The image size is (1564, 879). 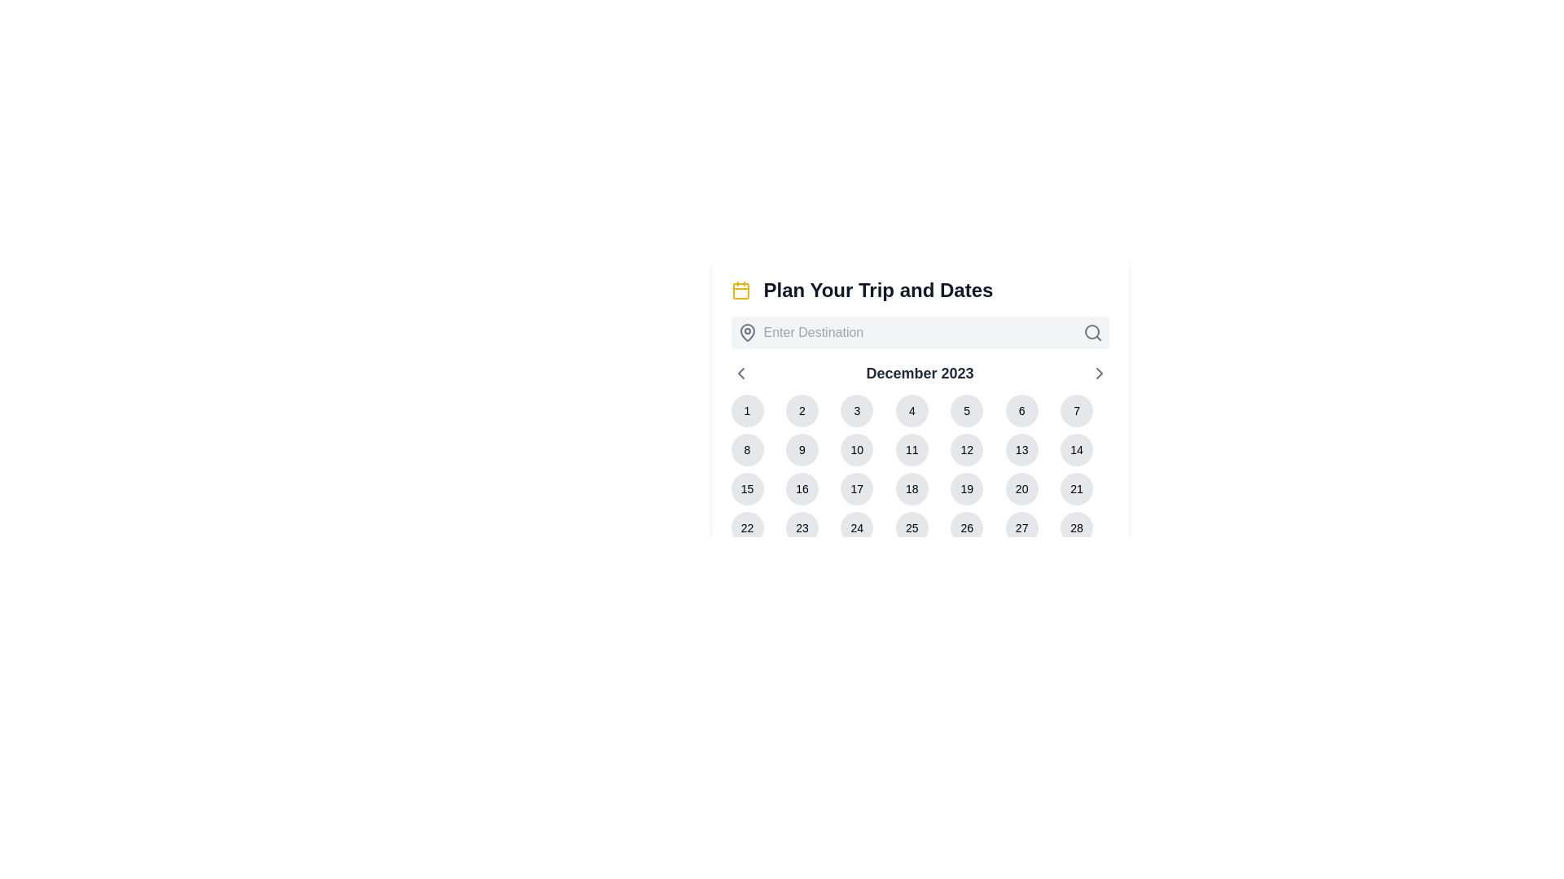 I want to click on the small circular button with a light gray background and black text '13', so click(x=1021, y=449).